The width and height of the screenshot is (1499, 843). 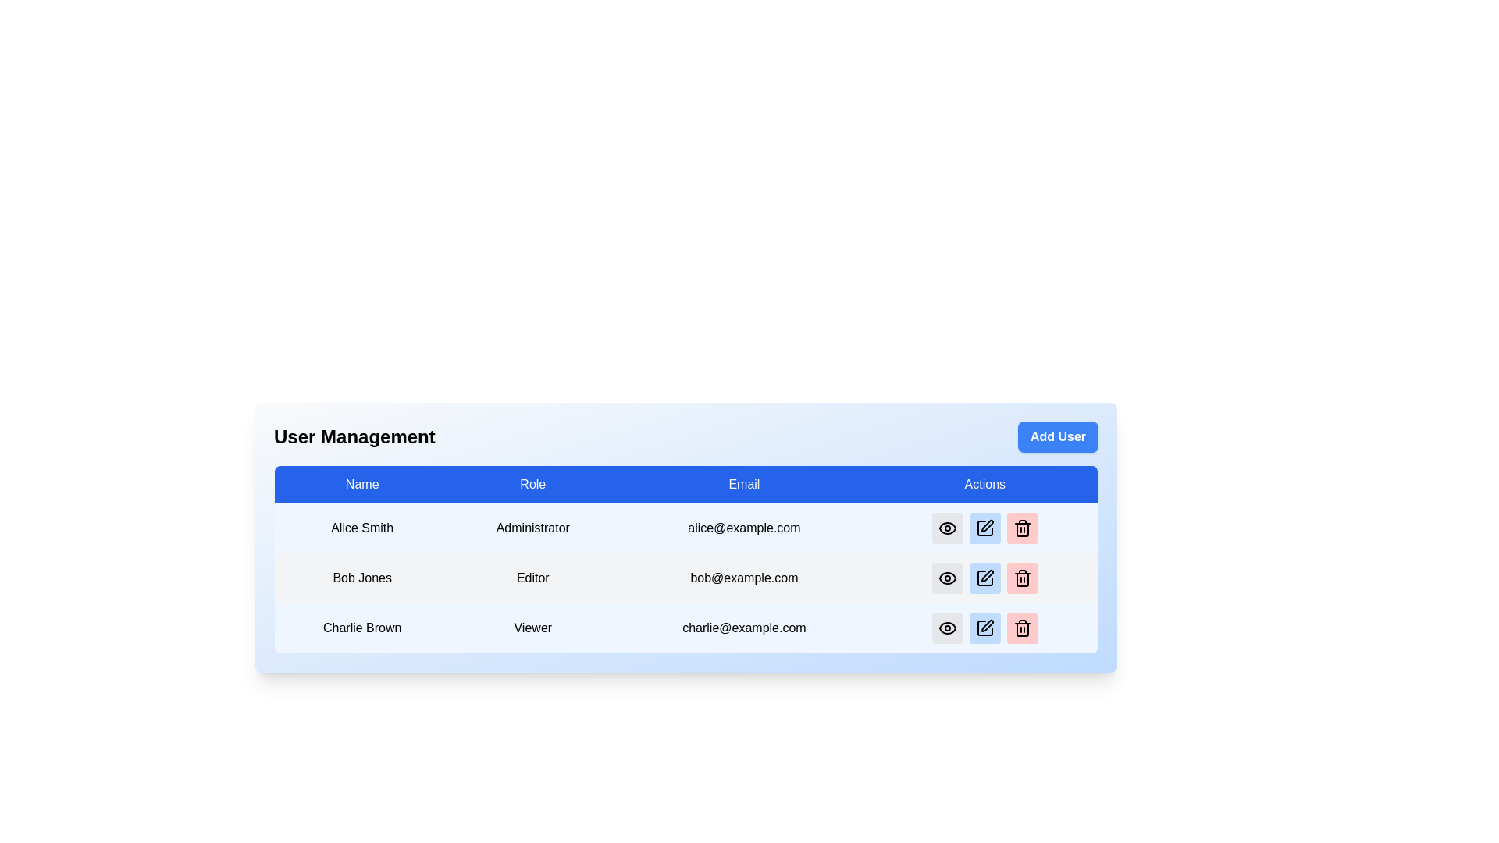 I want to click on the eye icon button in the 'Actions' column for Alice Smith, so click(x=946, y=528).